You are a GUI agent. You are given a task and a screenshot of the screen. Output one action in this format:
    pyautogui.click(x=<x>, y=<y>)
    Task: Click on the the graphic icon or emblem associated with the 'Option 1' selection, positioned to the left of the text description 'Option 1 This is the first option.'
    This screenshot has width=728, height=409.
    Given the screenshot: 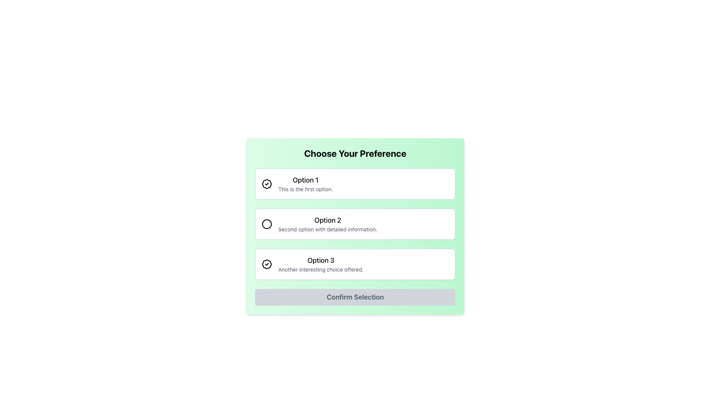 What is the action you would take?
    pyautogui.click(x=267, y=184)
    